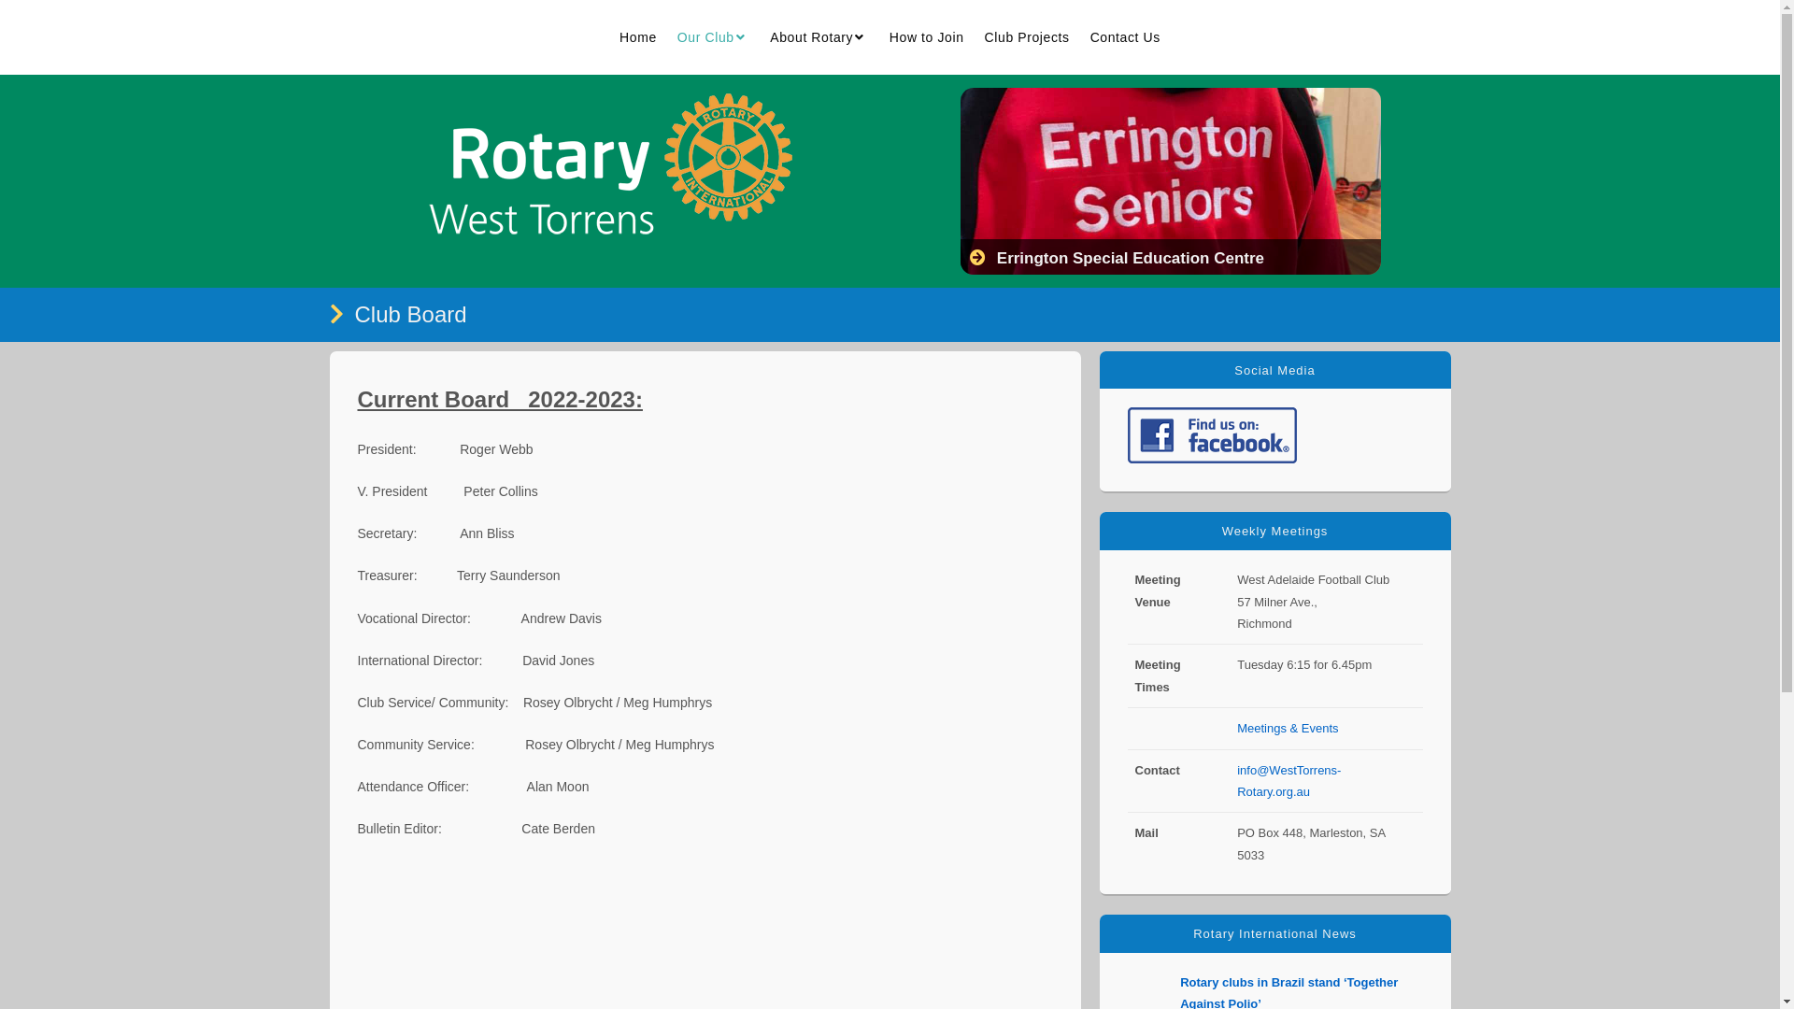 This screenshot has width=1794, height=1009. Describe the element at coordinates (1026, 36) in the screenshot. I see `'Club Projects'` at that location.